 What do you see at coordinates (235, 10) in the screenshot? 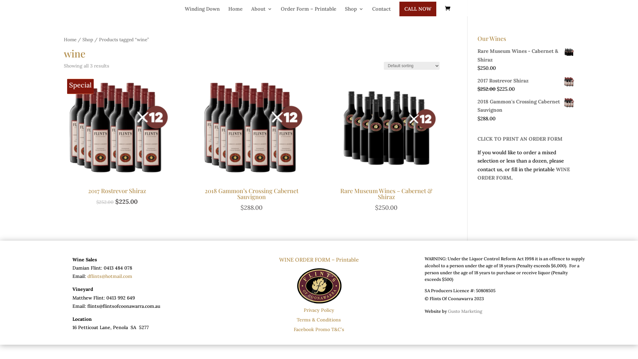
I see `'Home'` at bounding box center [235, 10].